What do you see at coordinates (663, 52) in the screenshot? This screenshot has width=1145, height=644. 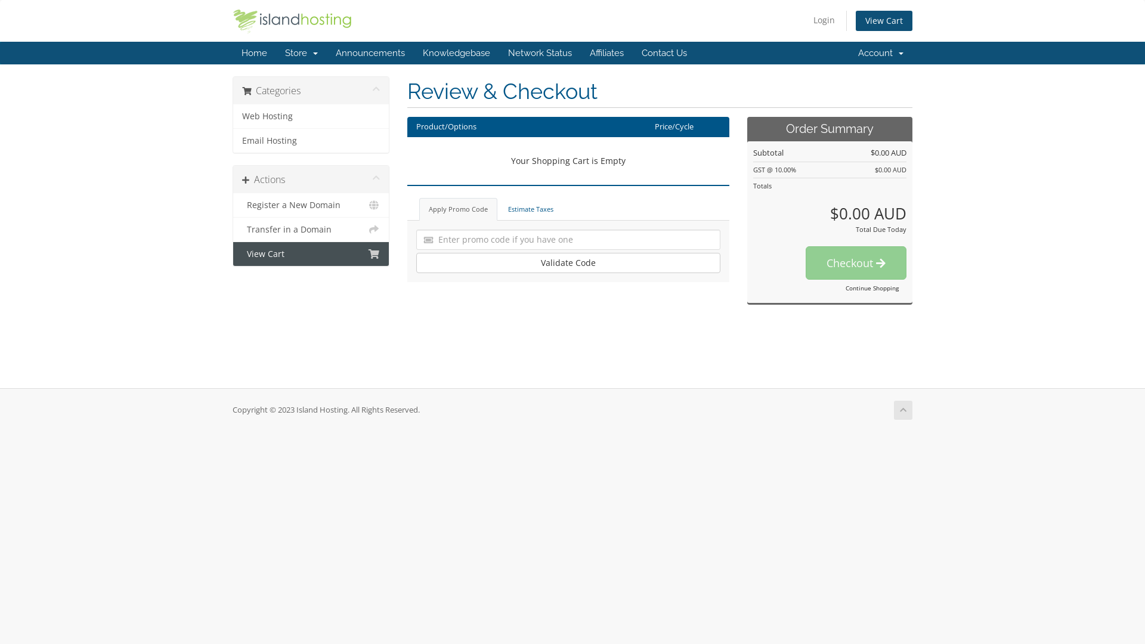 I see `'Contact Us'` at bounding box center [663, 52].